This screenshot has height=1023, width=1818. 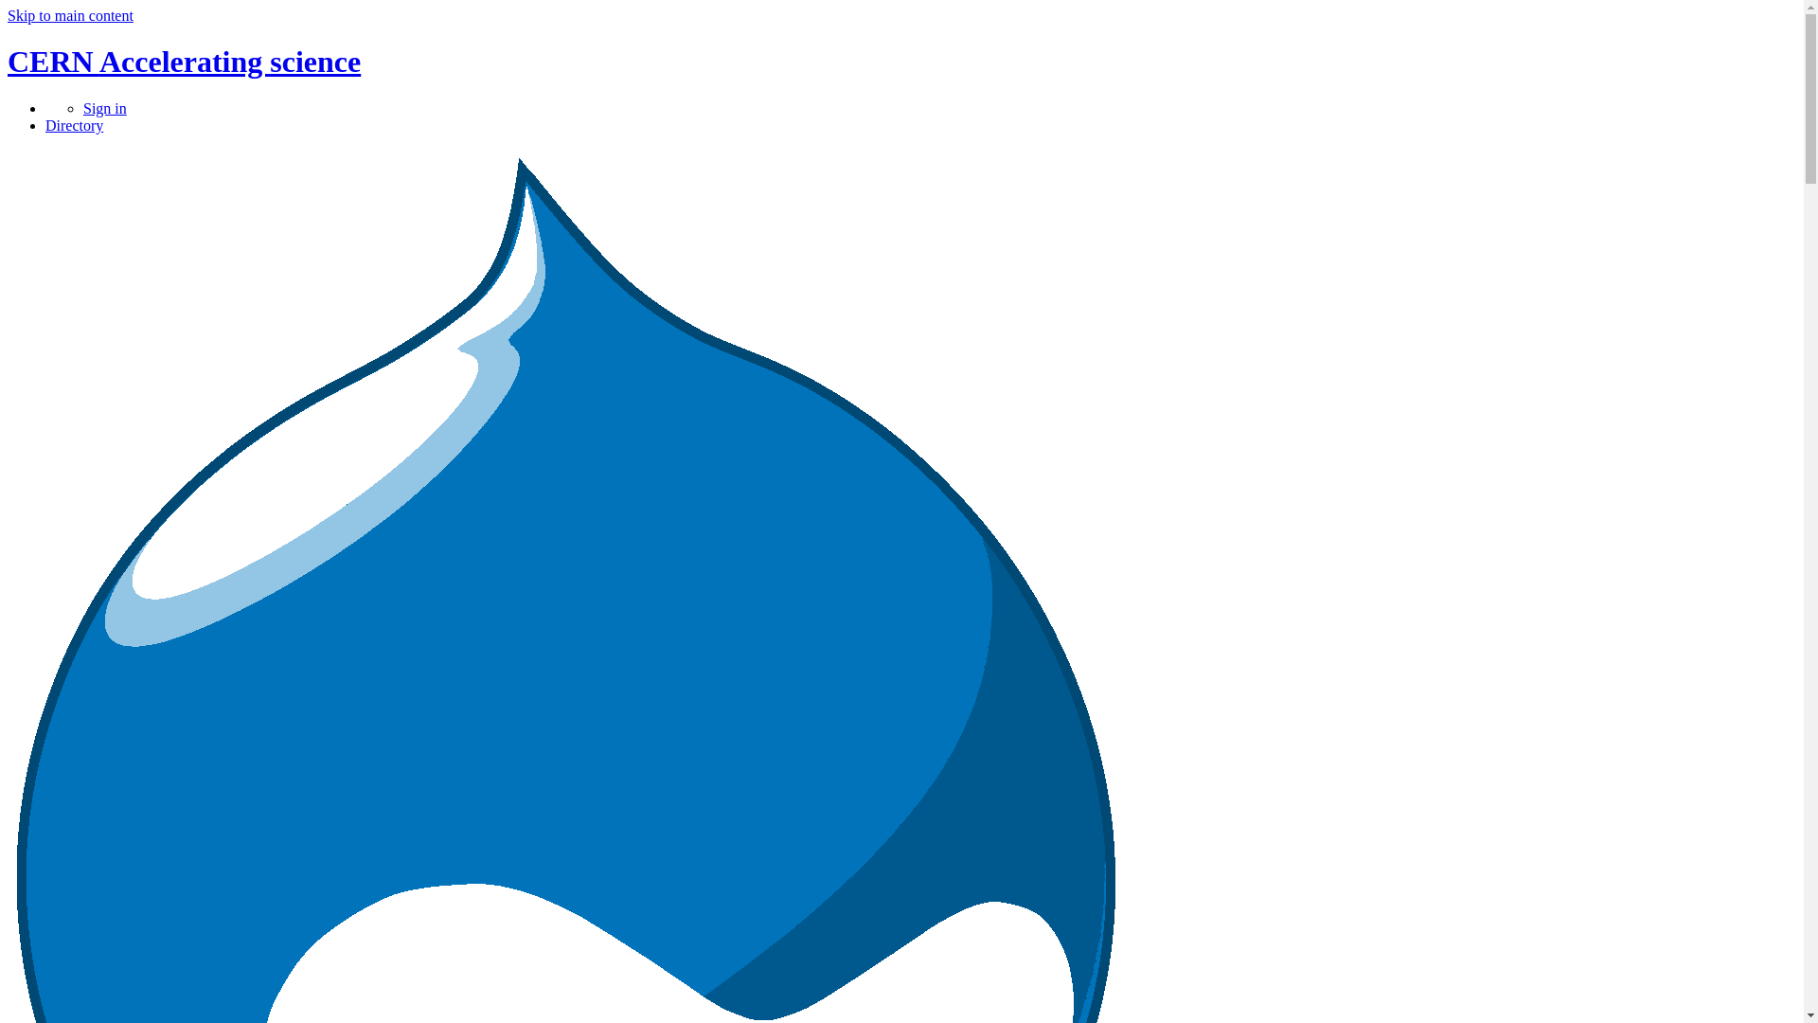 What do you see at coordinates (103, 108) in the screenshot?
I see `'Sign in'` at bounding box center [103, 108].